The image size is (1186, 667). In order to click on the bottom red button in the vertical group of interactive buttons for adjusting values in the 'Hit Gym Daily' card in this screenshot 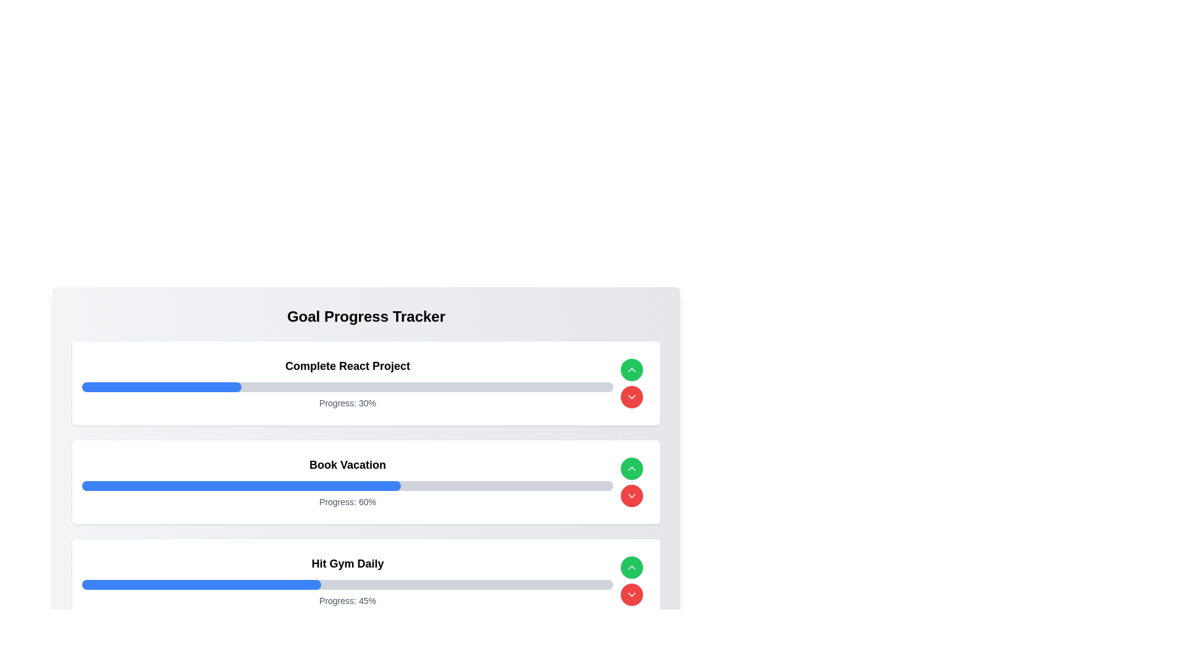, I will do `click(631, 581)`.